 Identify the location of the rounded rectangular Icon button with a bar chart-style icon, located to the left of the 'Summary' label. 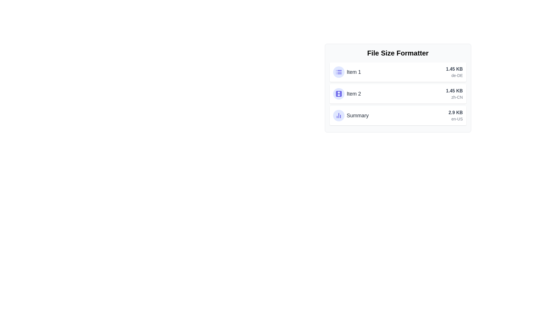
(339, 116).